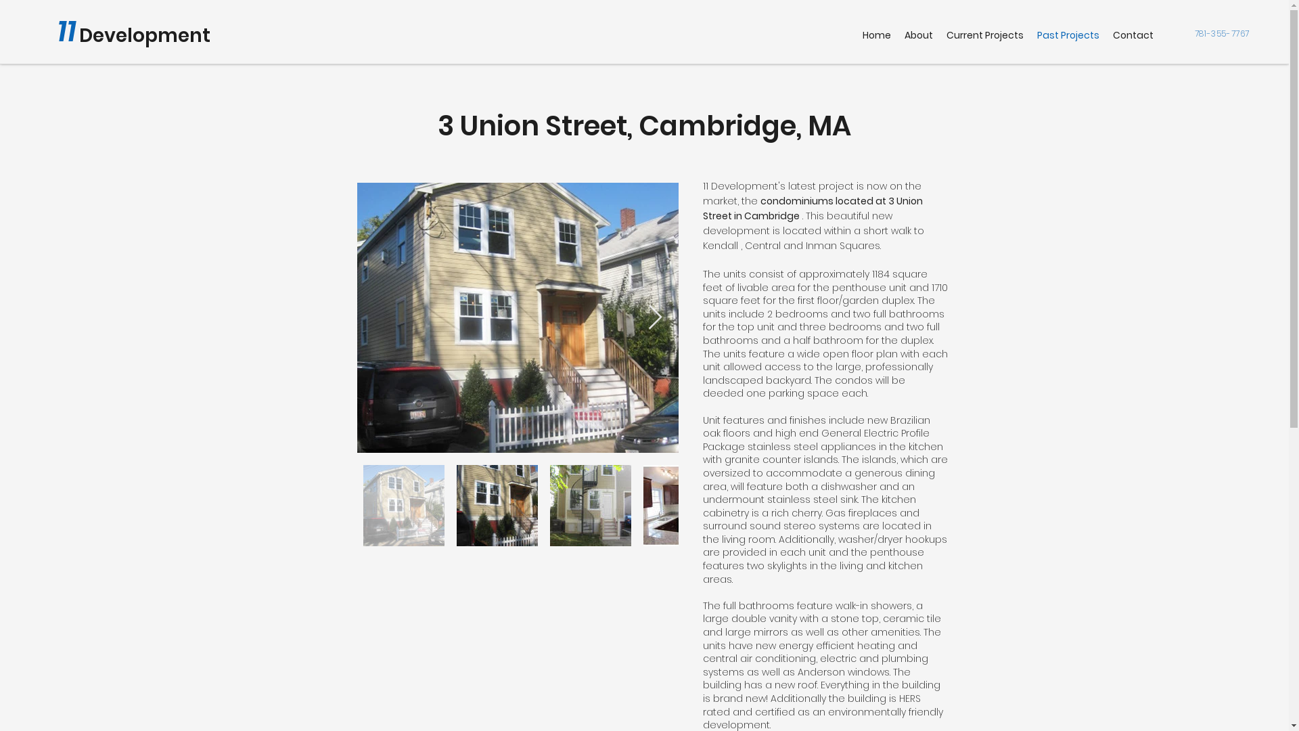  Describe the element at coordinates (145, 35) in the screenshot. I see `'Development'` at that location.